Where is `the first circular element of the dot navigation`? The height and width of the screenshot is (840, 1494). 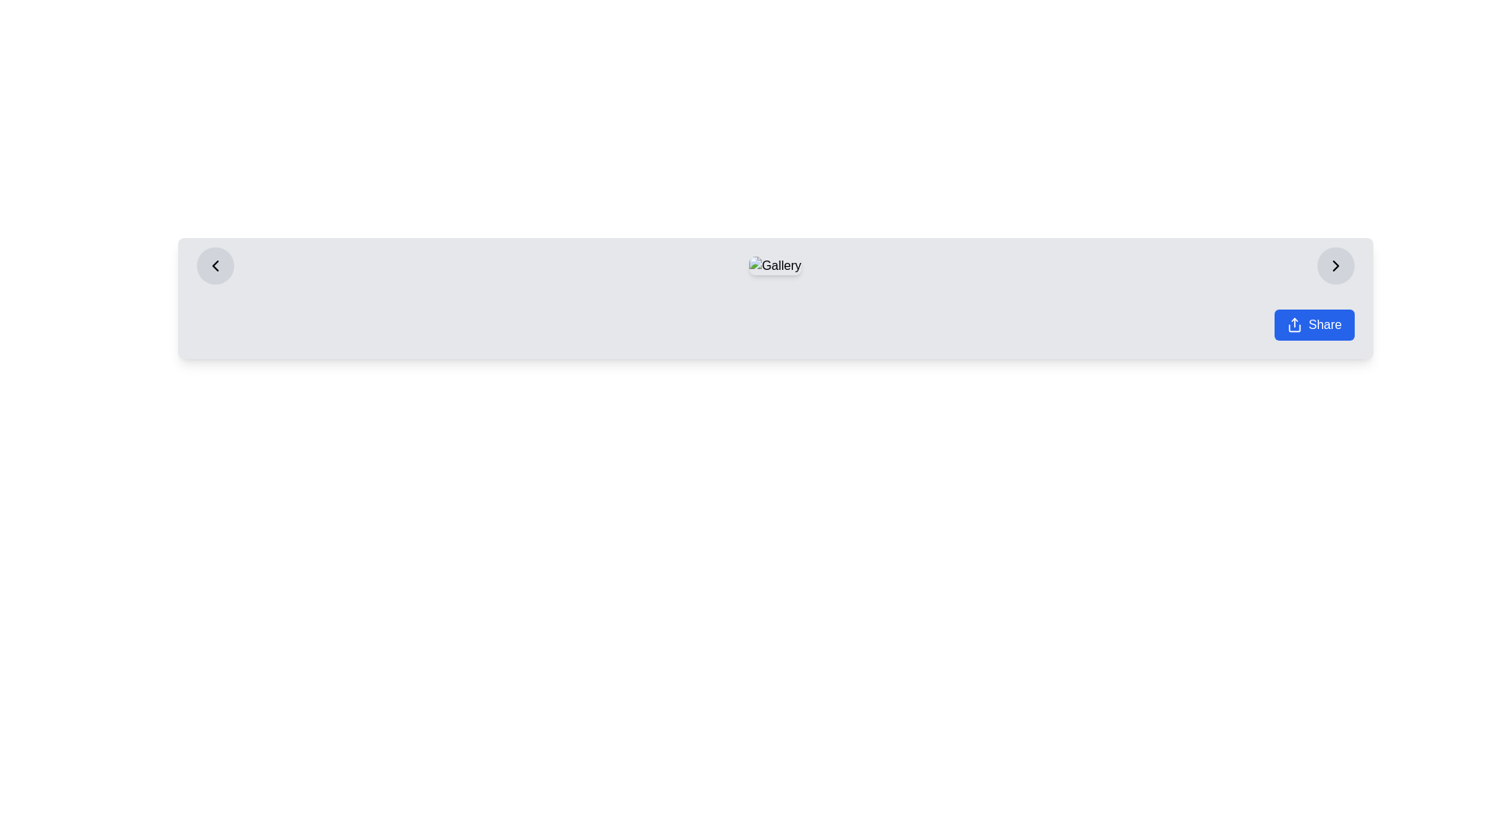
the first circular element of the dot navigation is located at coordinates (759, 292).